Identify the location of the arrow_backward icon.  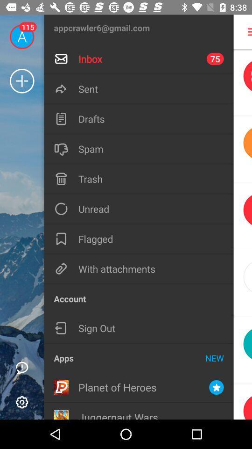
(243, 217).